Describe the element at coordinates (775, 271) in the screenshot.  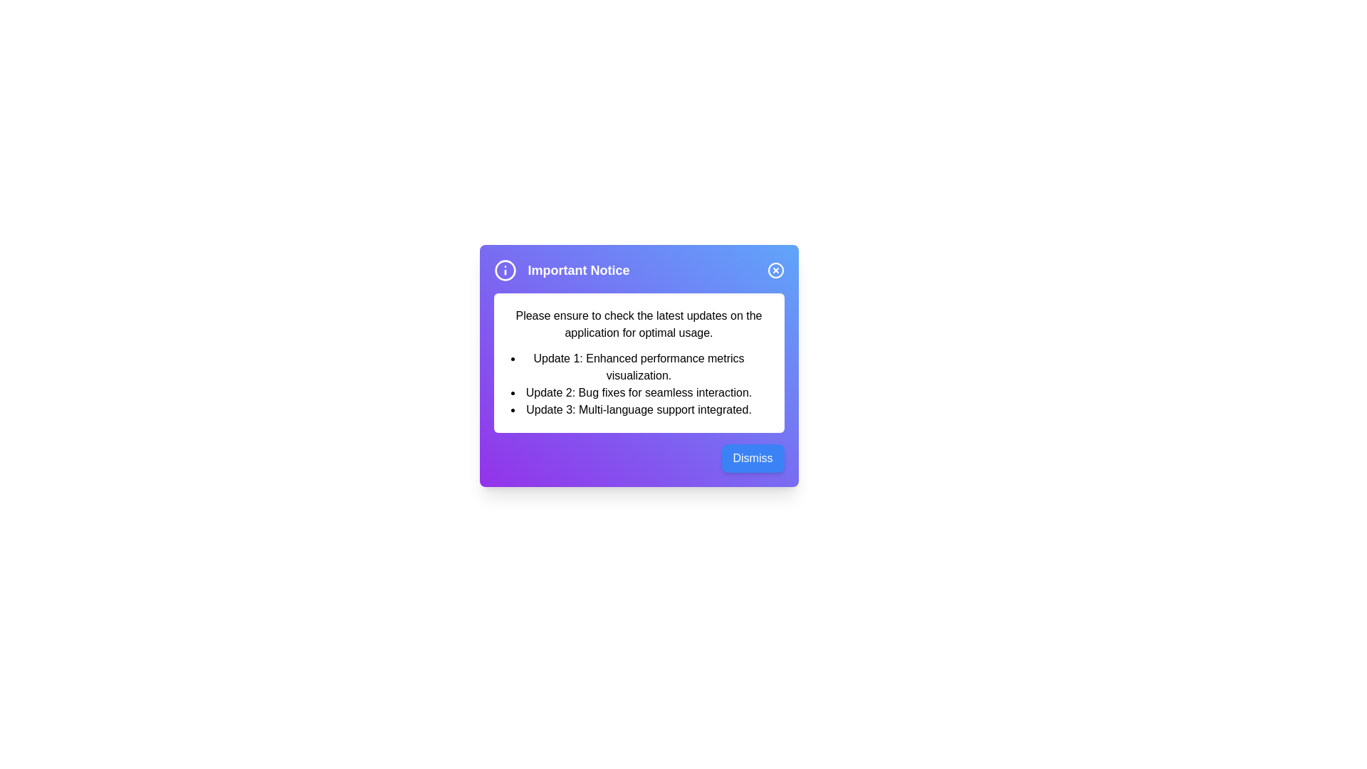
I see `close button to hide the alert` at that location.